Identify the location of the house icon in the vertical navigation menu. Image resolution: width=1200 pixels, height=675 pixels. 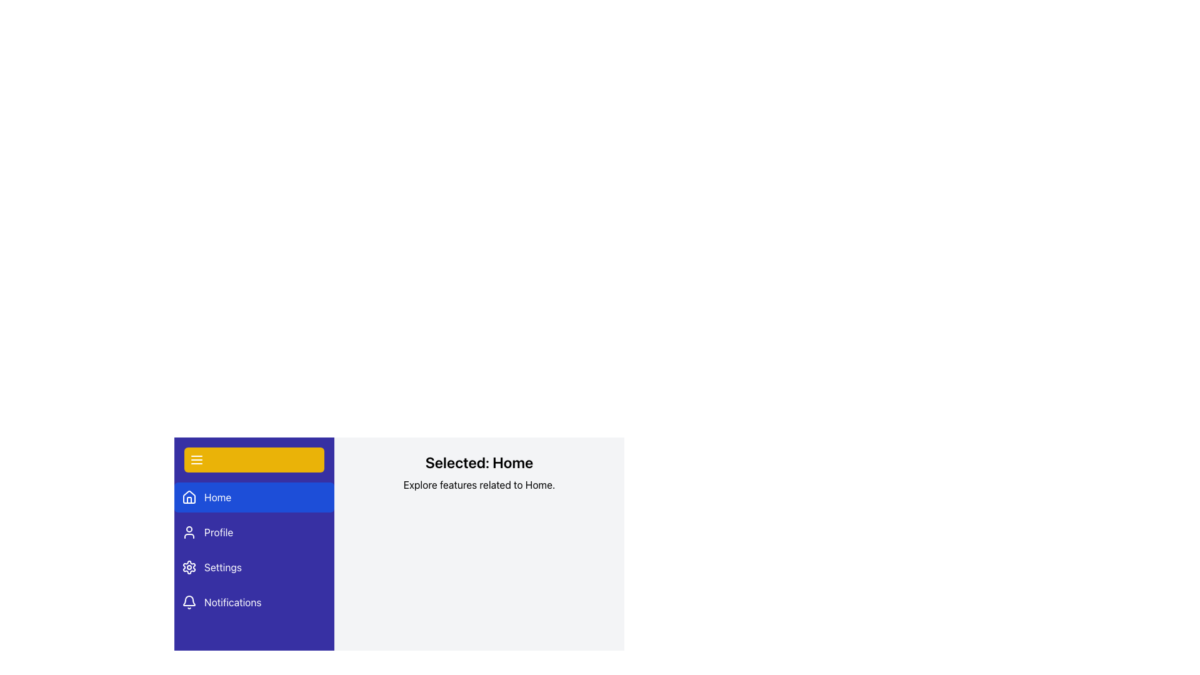
(188, 496).